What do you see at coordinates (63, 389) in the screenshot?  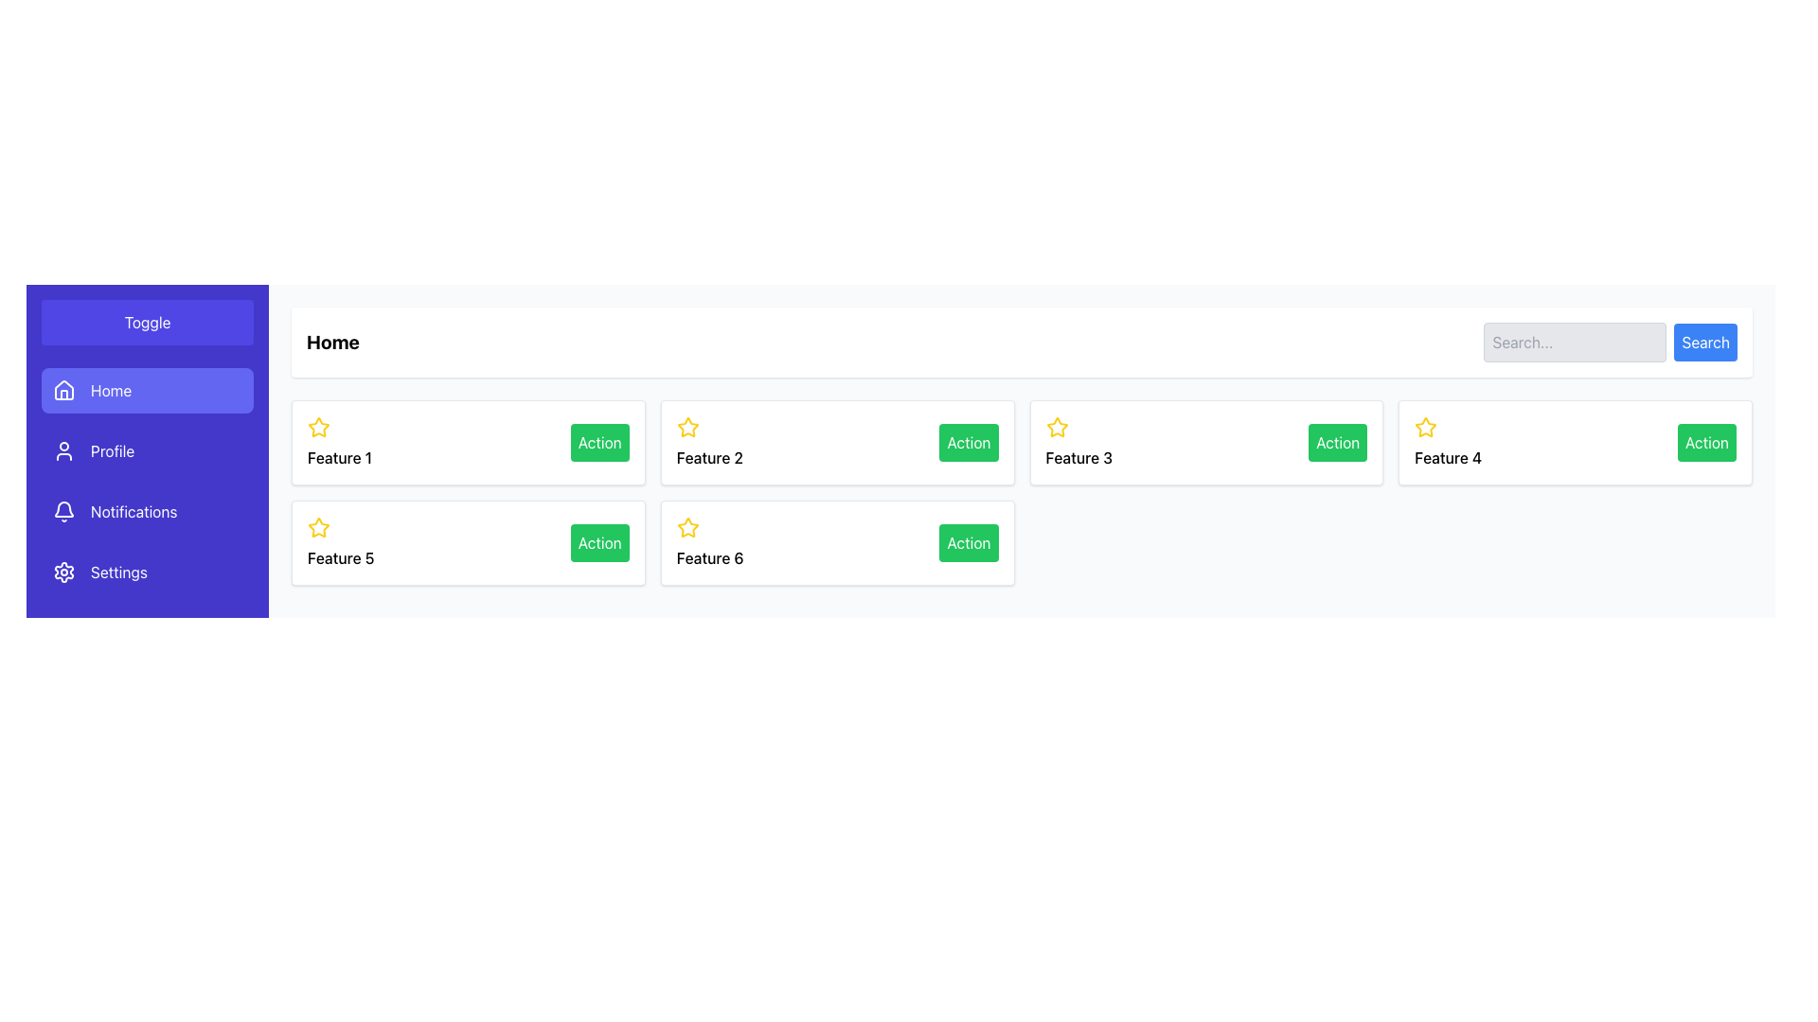 I see `the house icon in the left-side navigation bar that is part of the 'Home' menu item, which is located next to the label 'Home'` at bounding box center [63, 389].